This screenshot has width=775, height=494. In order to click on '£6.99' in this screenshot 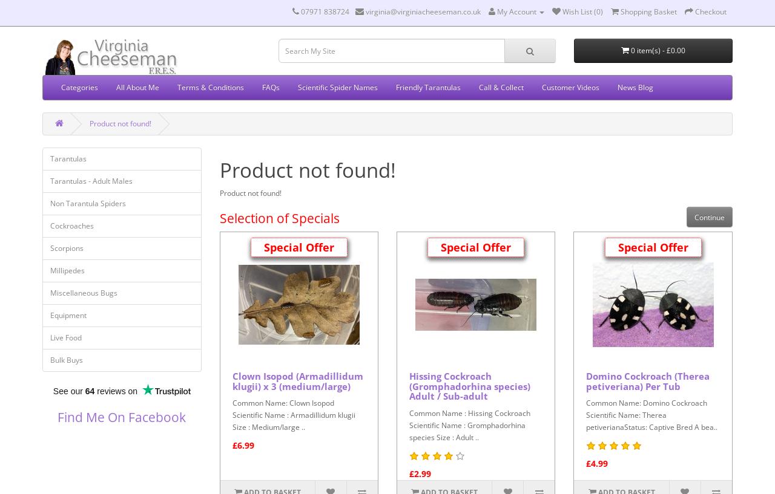, I will do `click(242, 445)`.